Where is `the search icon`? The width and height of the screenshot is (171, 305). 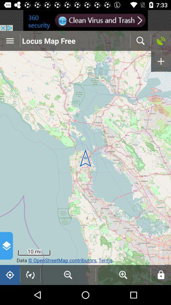
the search icon is located at coordinates (140, 40).